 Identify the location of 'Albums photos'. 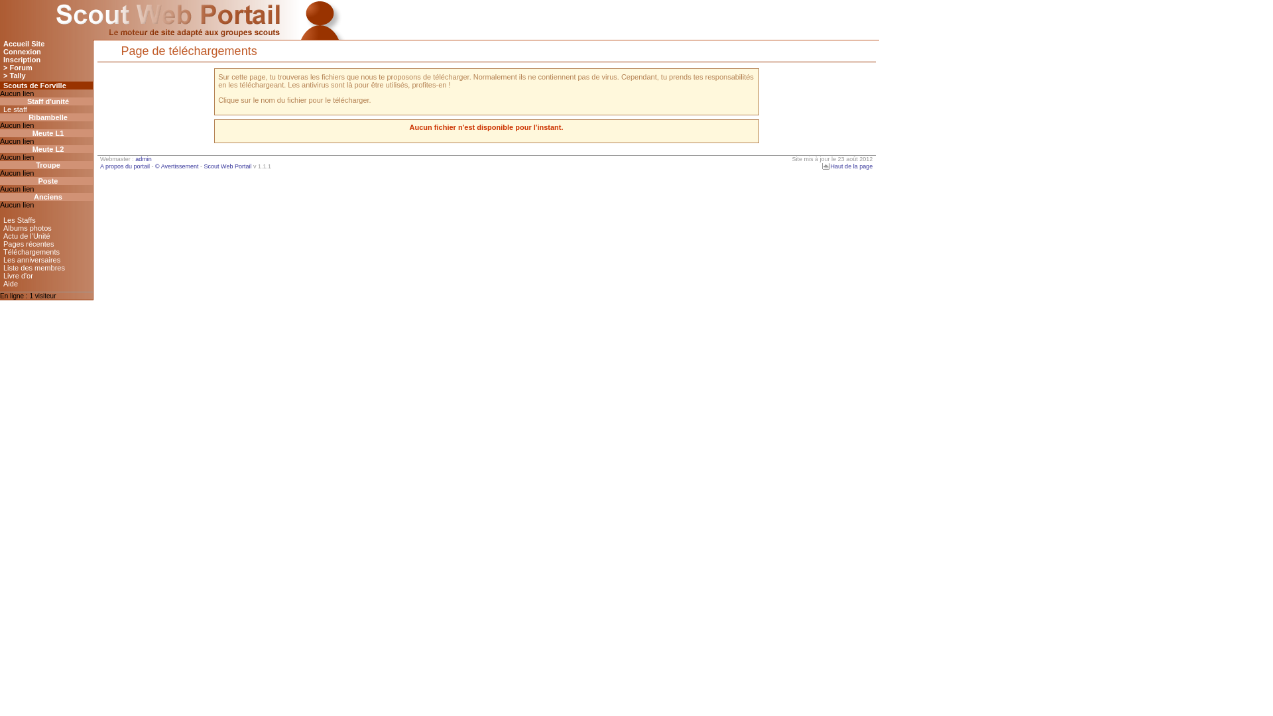
(0, 227).